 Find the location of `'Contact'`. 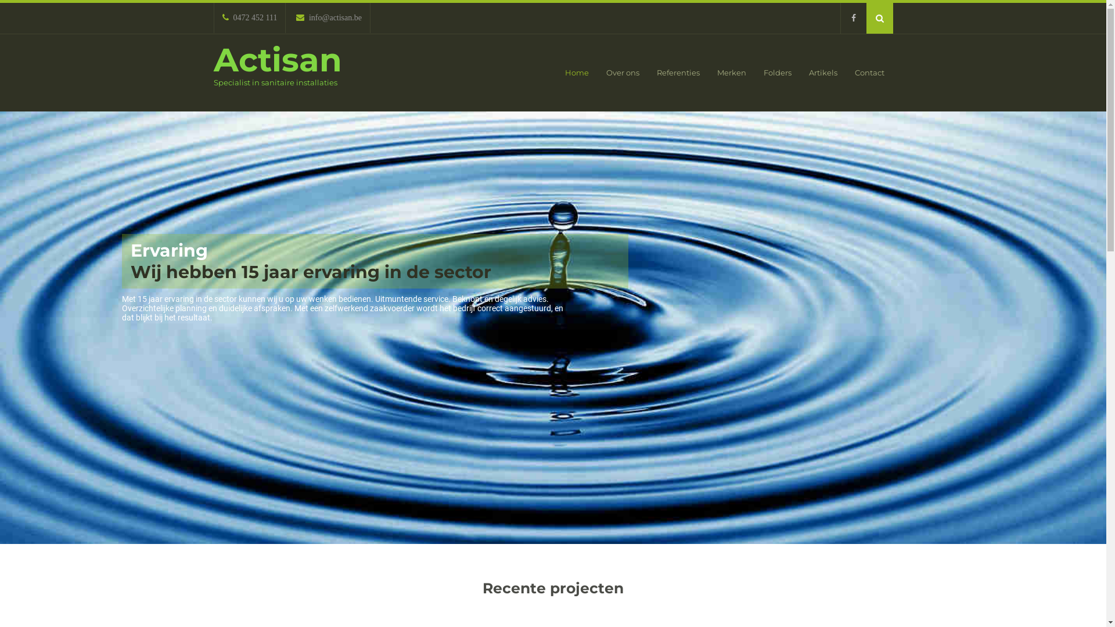

'Contact' is located at coordinates (869, 73).